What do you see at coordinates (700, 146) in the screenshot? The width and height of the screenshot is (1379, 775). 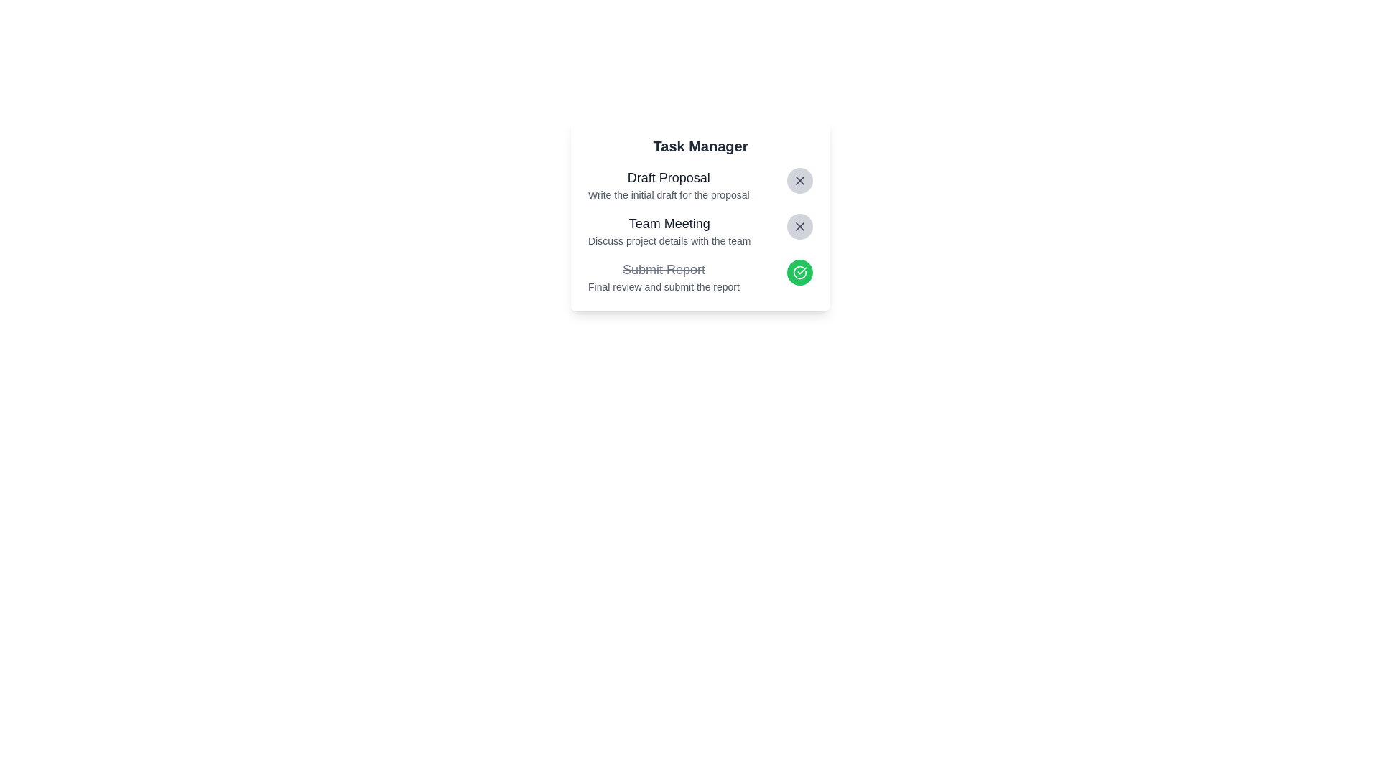 I see `the bold 'Task Manager' header text that is displayed prominently in a large font size within a white rounded box` at bounding box center [700, 146].